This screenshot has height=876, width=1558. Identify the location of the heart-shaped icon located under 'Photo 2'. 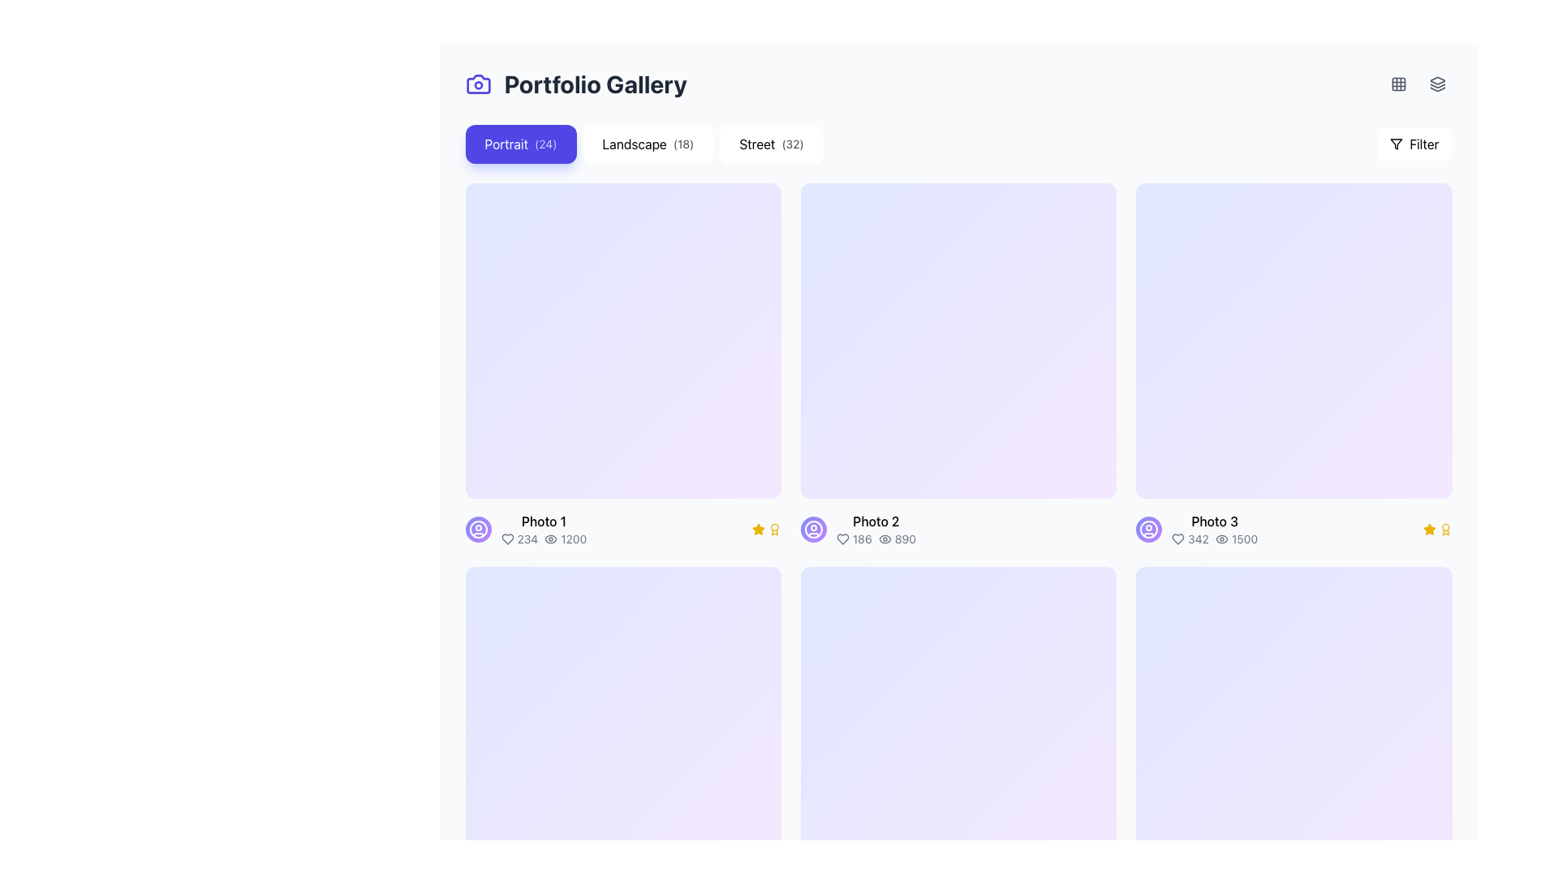
(842, 539).